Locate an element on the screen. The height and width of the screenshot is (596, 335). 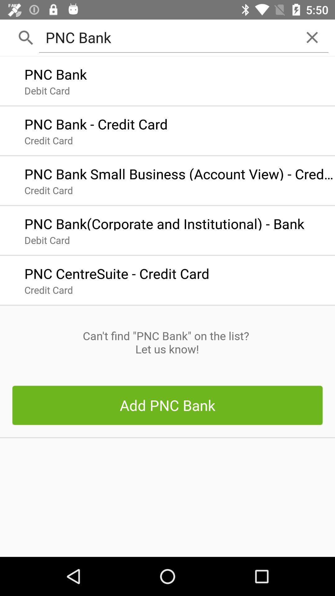
the app below the credit card item is located at coordinates (167, 342).